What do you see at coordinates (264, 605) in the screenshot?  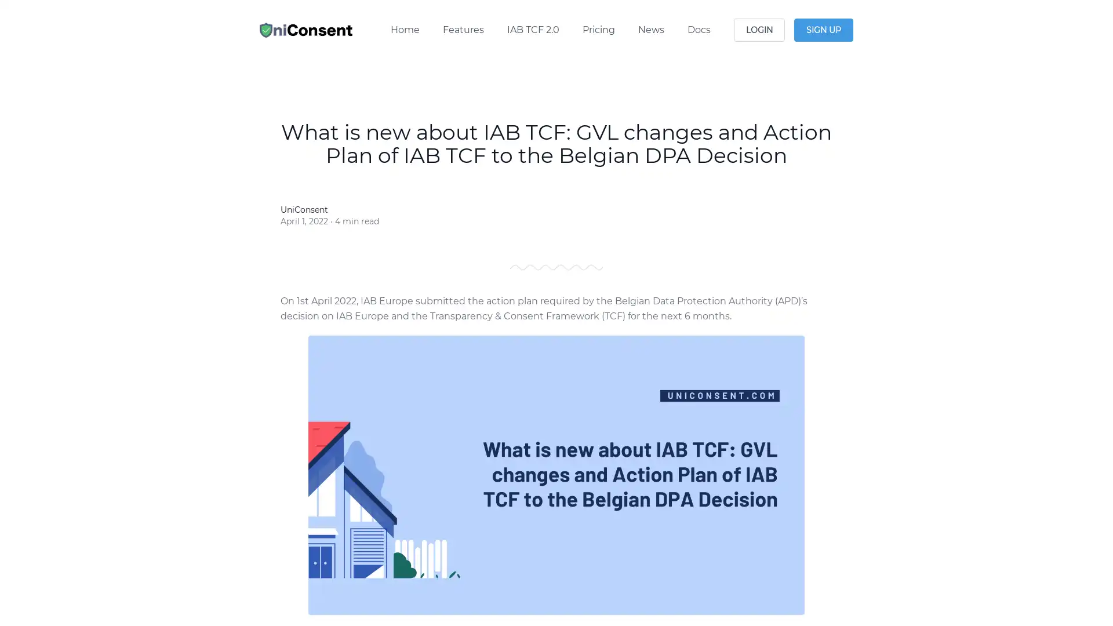 I see `Agree and proceed` at bounding box center [264, 605].